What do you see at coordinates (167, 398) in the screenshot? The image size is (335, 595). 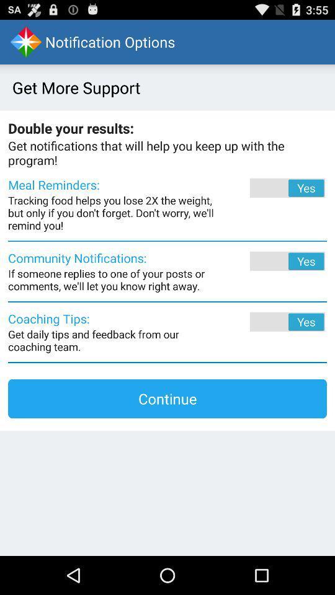 I see `continue icon` at bounding box center [167, 398].